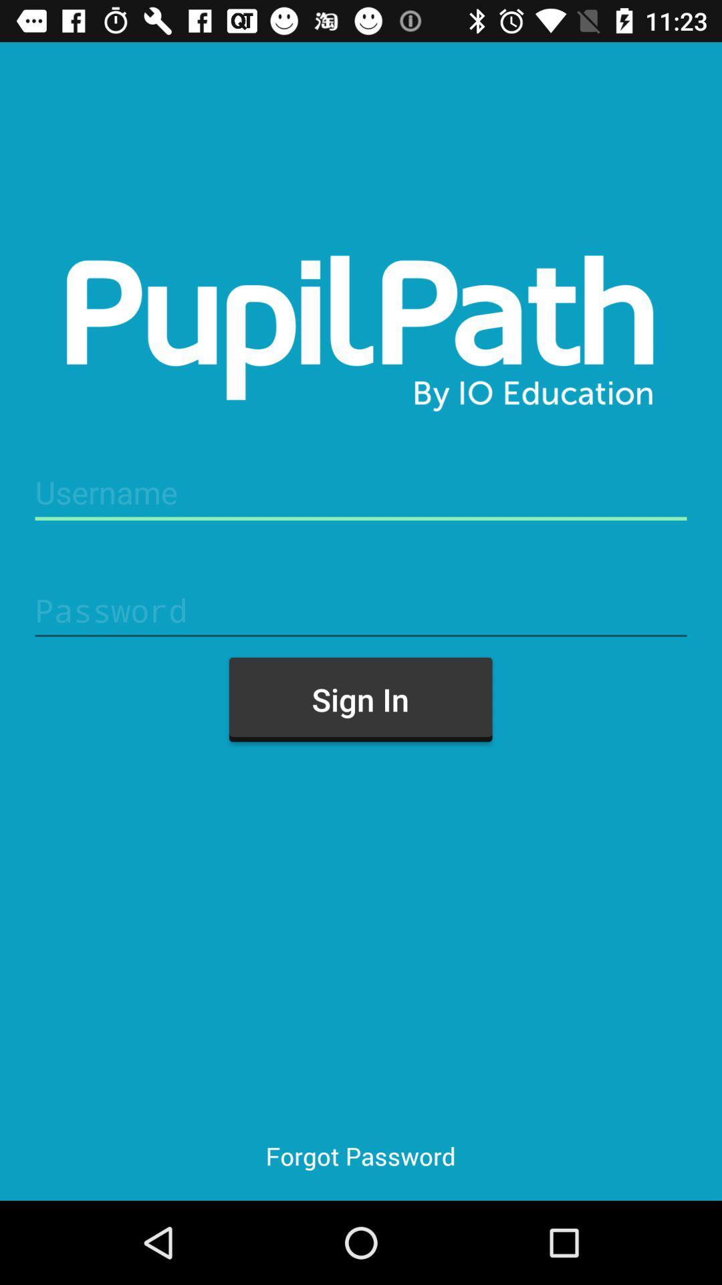  What do you see at coordinates (360, 699) in the screenshot?
I see `the sign in` at bounding box center [360, 699].